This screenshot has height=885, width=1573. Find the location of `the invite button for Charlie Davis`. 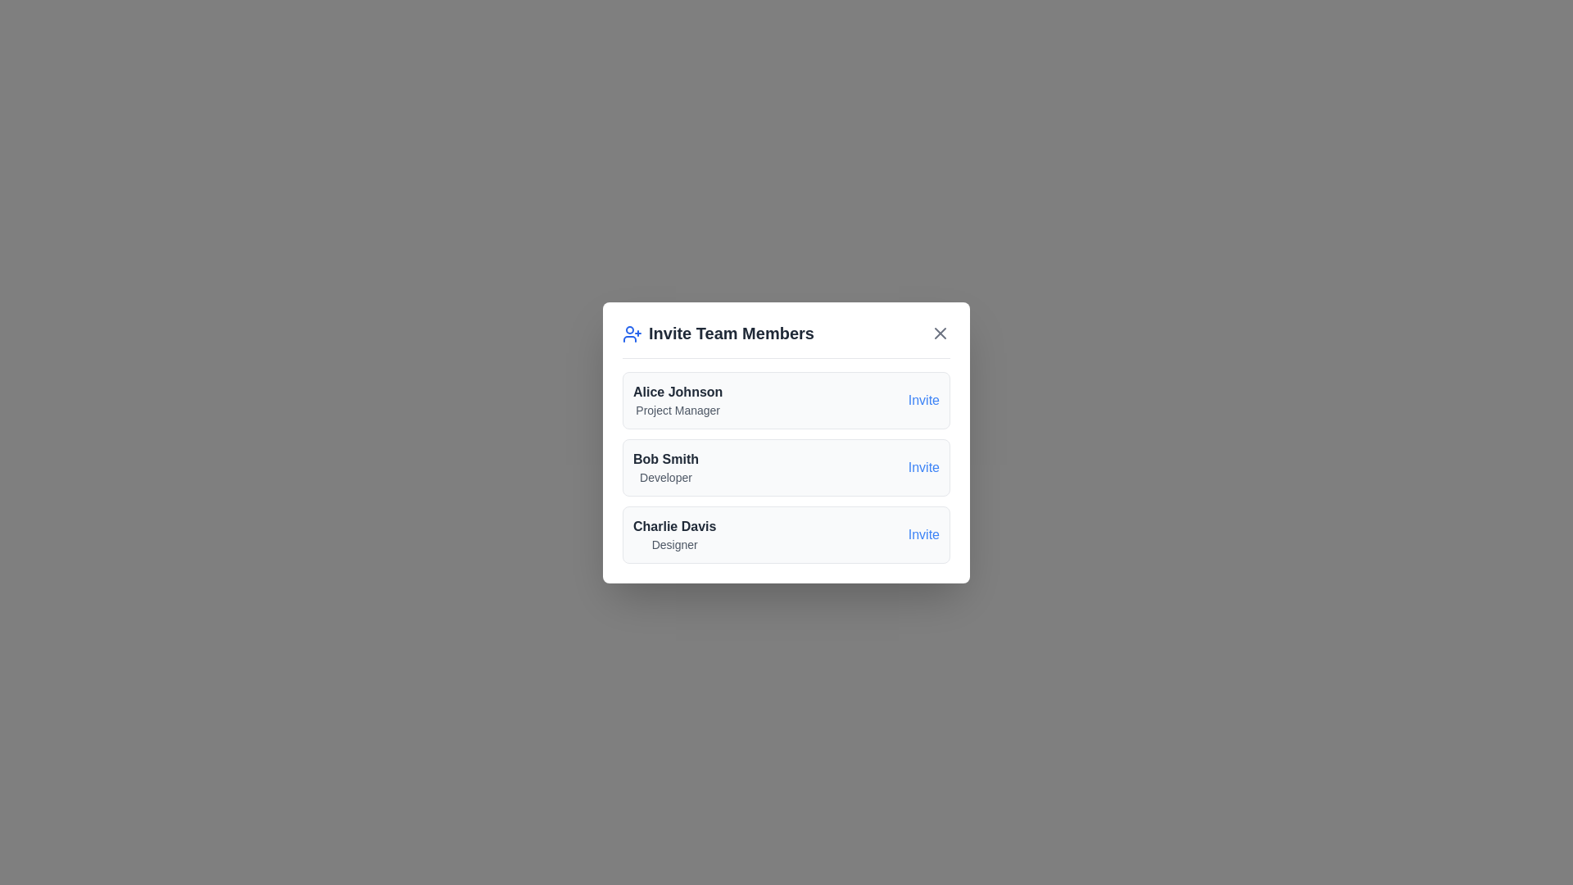

the invite button for Charlie Davis is located at coordinates (923, 534).